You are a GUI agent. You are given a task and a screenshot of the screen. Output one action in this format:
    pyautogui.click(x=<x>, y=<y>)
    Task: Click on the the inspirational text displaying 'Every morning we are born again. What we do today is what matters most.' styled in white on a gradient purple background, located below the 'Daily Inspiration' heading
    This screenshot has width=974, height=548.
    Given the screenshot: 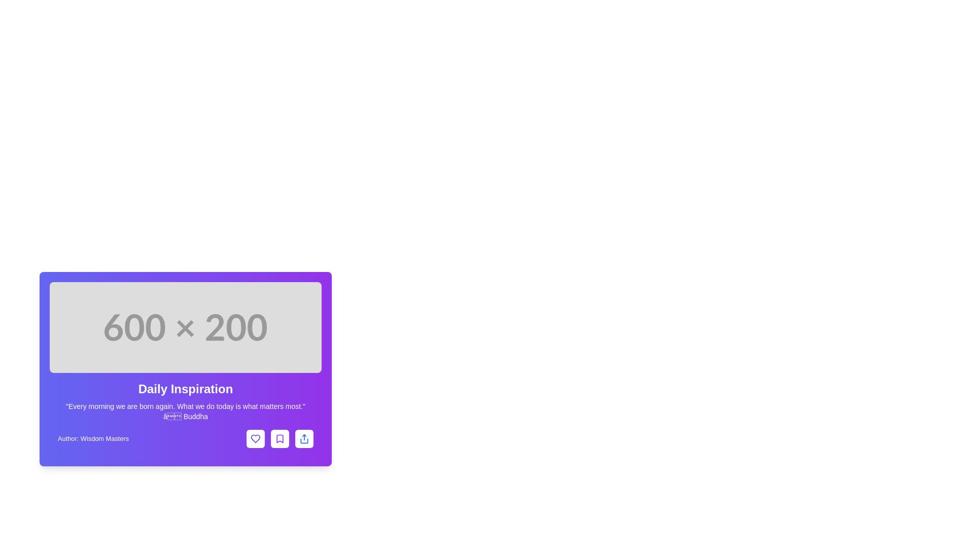 What is the action you would take?
    pyautogui.click(x=185, y=411)
    